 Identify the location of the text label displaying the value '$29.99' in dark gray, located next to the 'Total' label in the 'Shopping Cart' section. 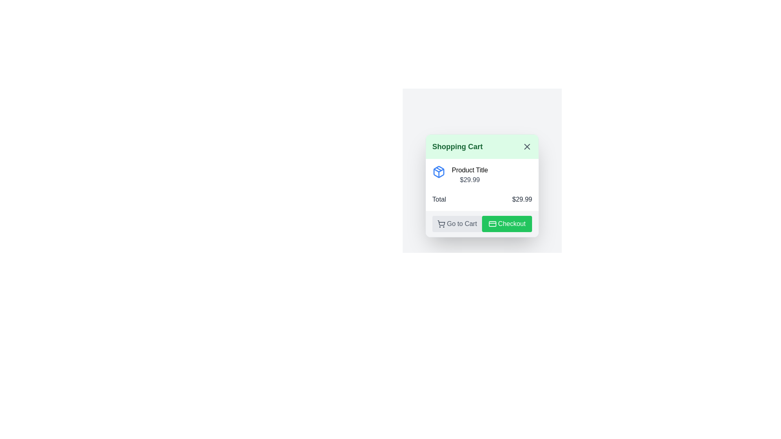
(522, 199).